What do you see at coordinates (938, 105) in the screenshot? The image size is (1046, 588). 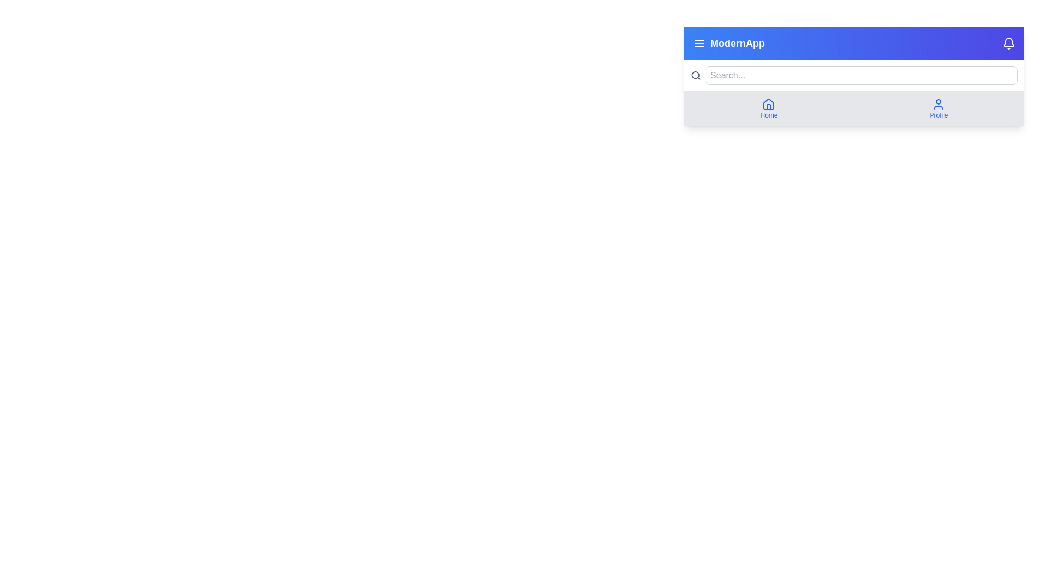 I see `the minimalistic blue user profile icon located in the top-right portion of the interface within the navigation bar` at bounding box center [938, 105].